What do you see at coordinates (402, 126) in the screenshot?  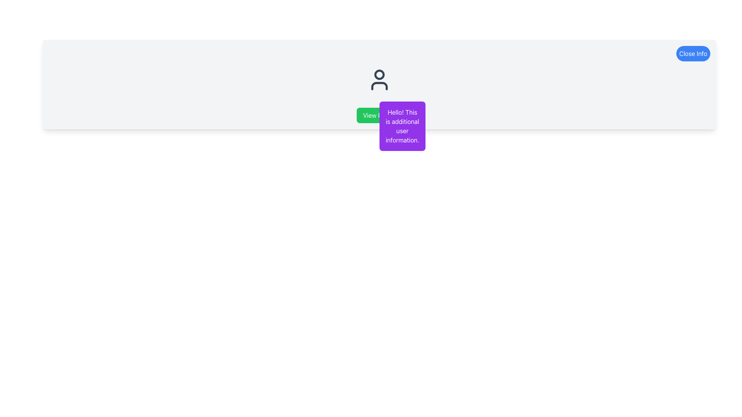 I see `the tooltip or informational box located below the user silhouette icon and above the 'View Info' button` at bounding box center [402, 126].